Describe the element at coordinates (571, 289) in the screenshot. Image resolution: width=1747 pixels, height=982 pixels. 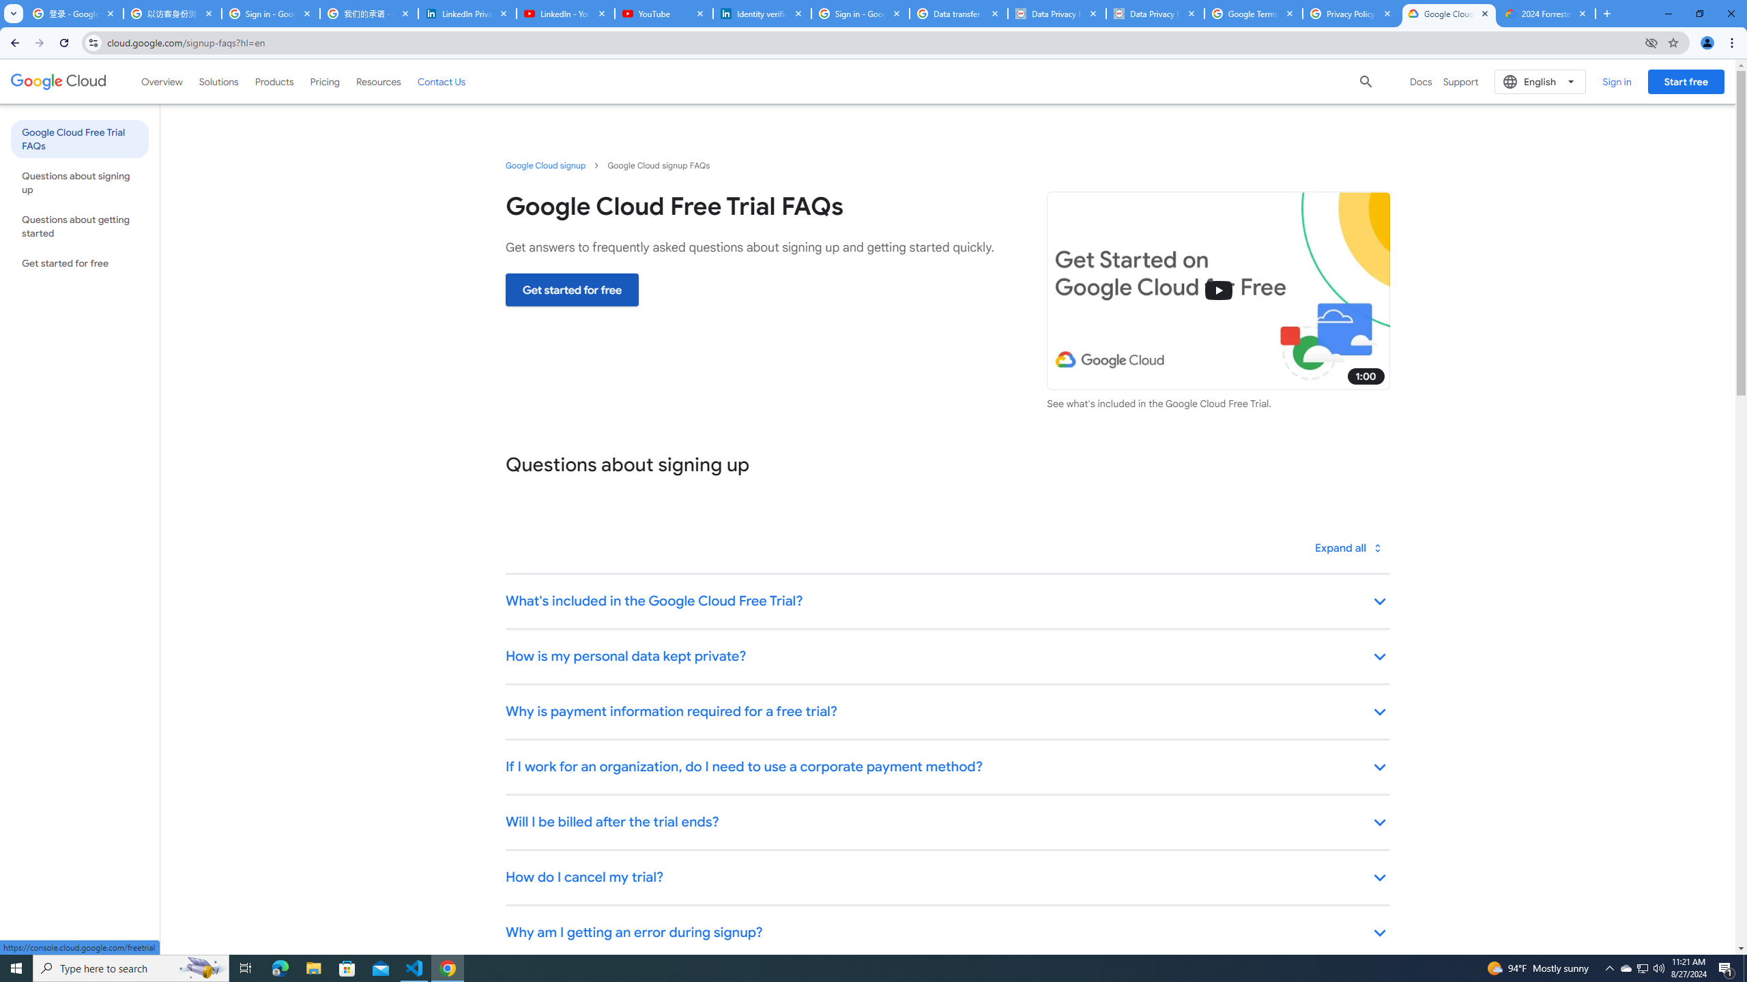
I see `'Get started for free'` at that location.